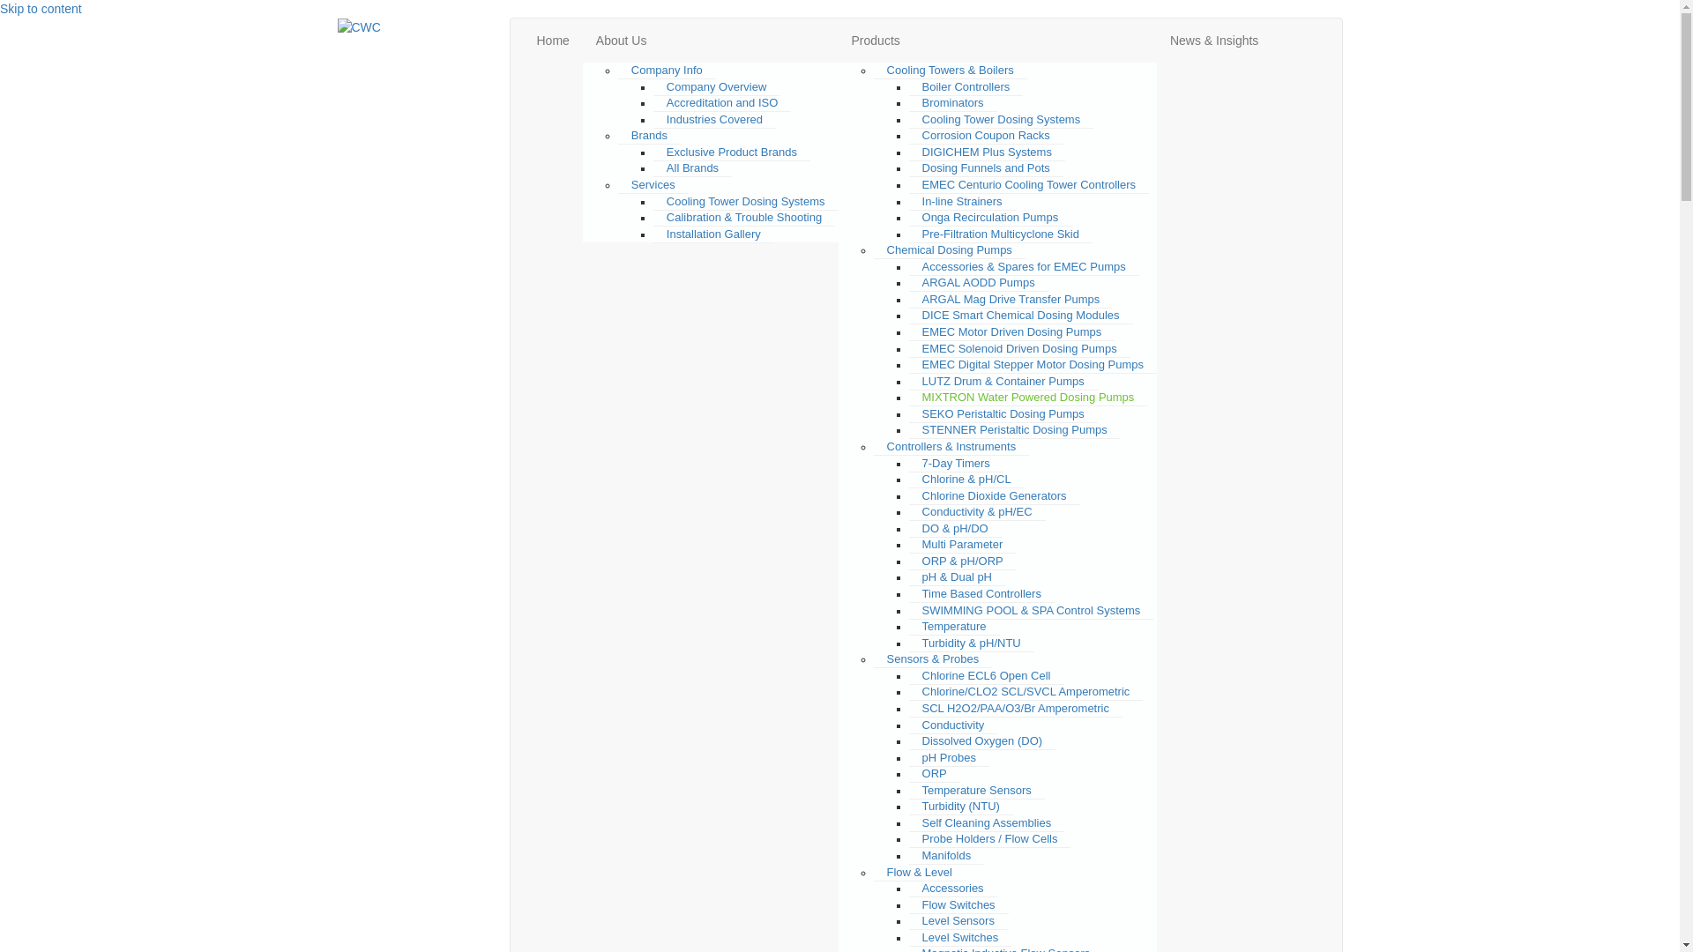 The height and width of the screenshot is (952, 1693). I want to click on 'Dissolved Oxygen (DO)', so click(981, 740).